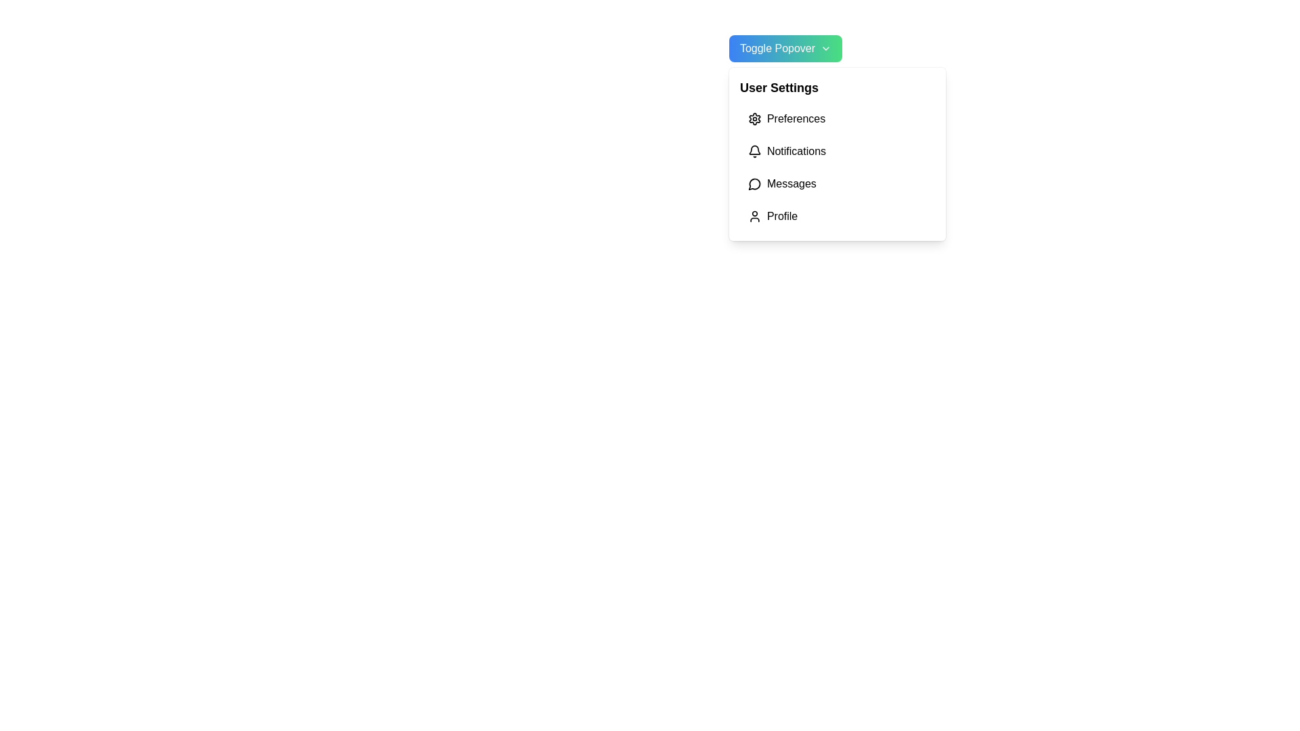 Image resolution: width=1300 pixels, height=731 pixels. I want to click on the fourth item in the 'User Settings' dropdown menu, which is a Text Button for accessing the user's profile settings, so click(782, 216).